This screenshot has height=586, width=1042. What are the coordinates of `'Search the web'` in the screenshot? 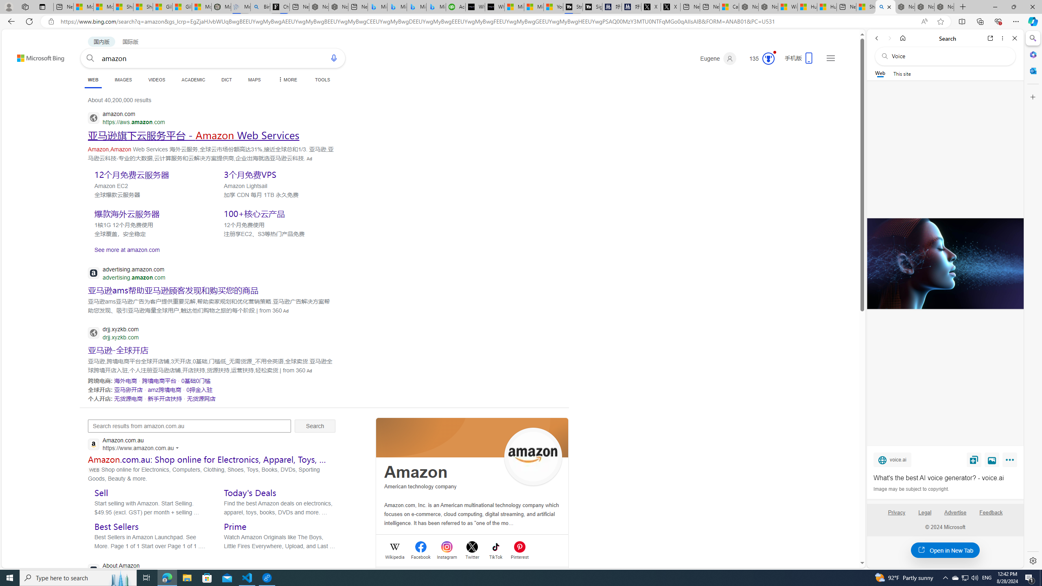 It's located at (949, 56).